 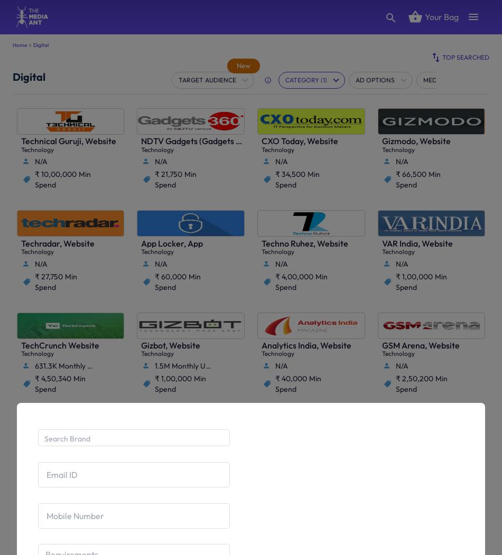 I want to click on 'BGR, Website', so click(x=287, y=447).